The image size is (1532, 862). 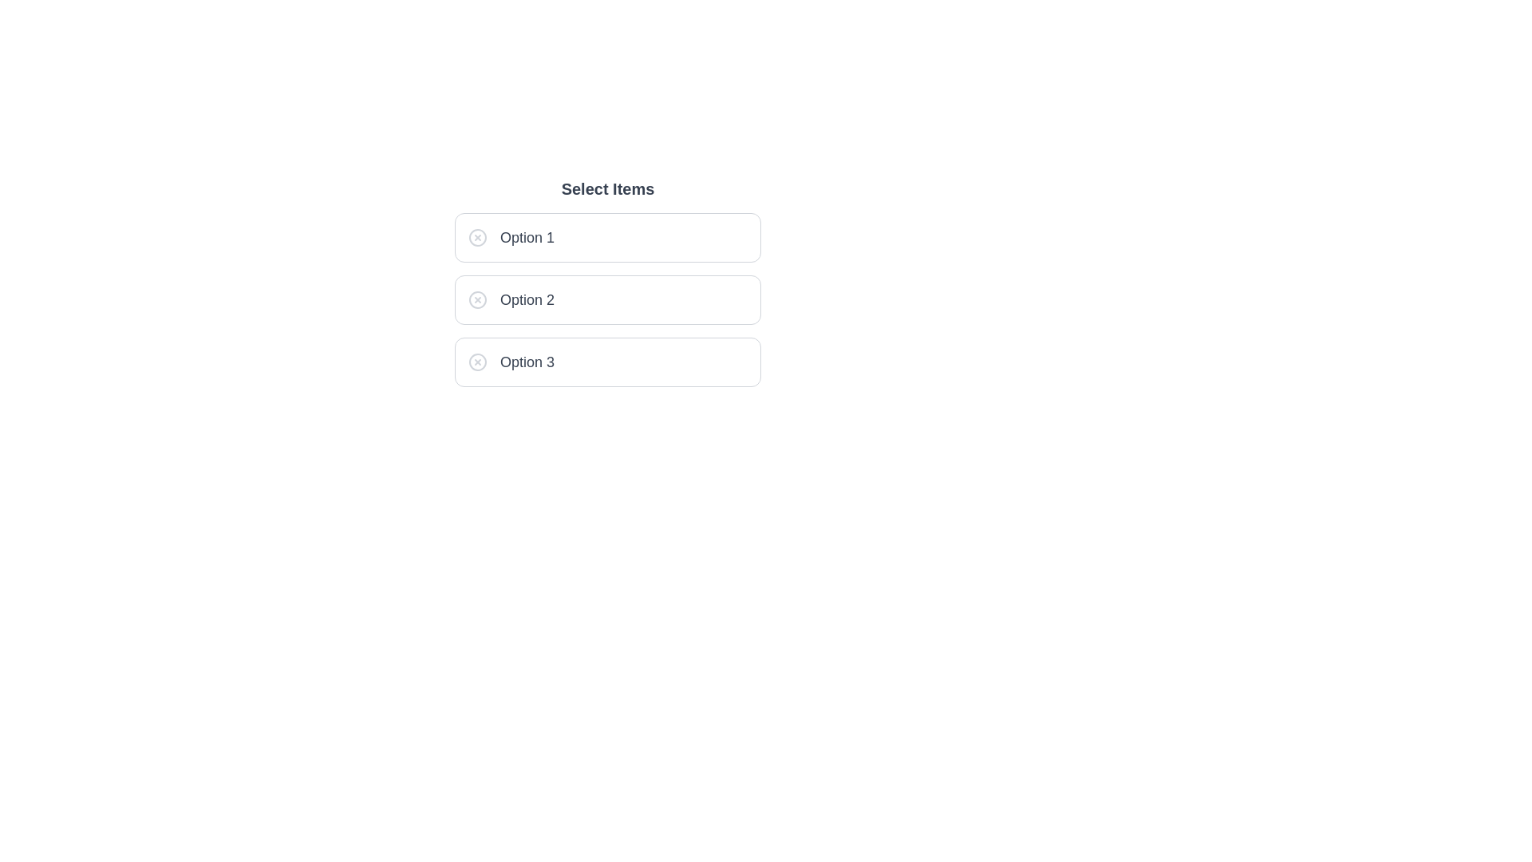 I want to click on the first selectable option box labeled 'Option 1', so click(x=607, y=237).